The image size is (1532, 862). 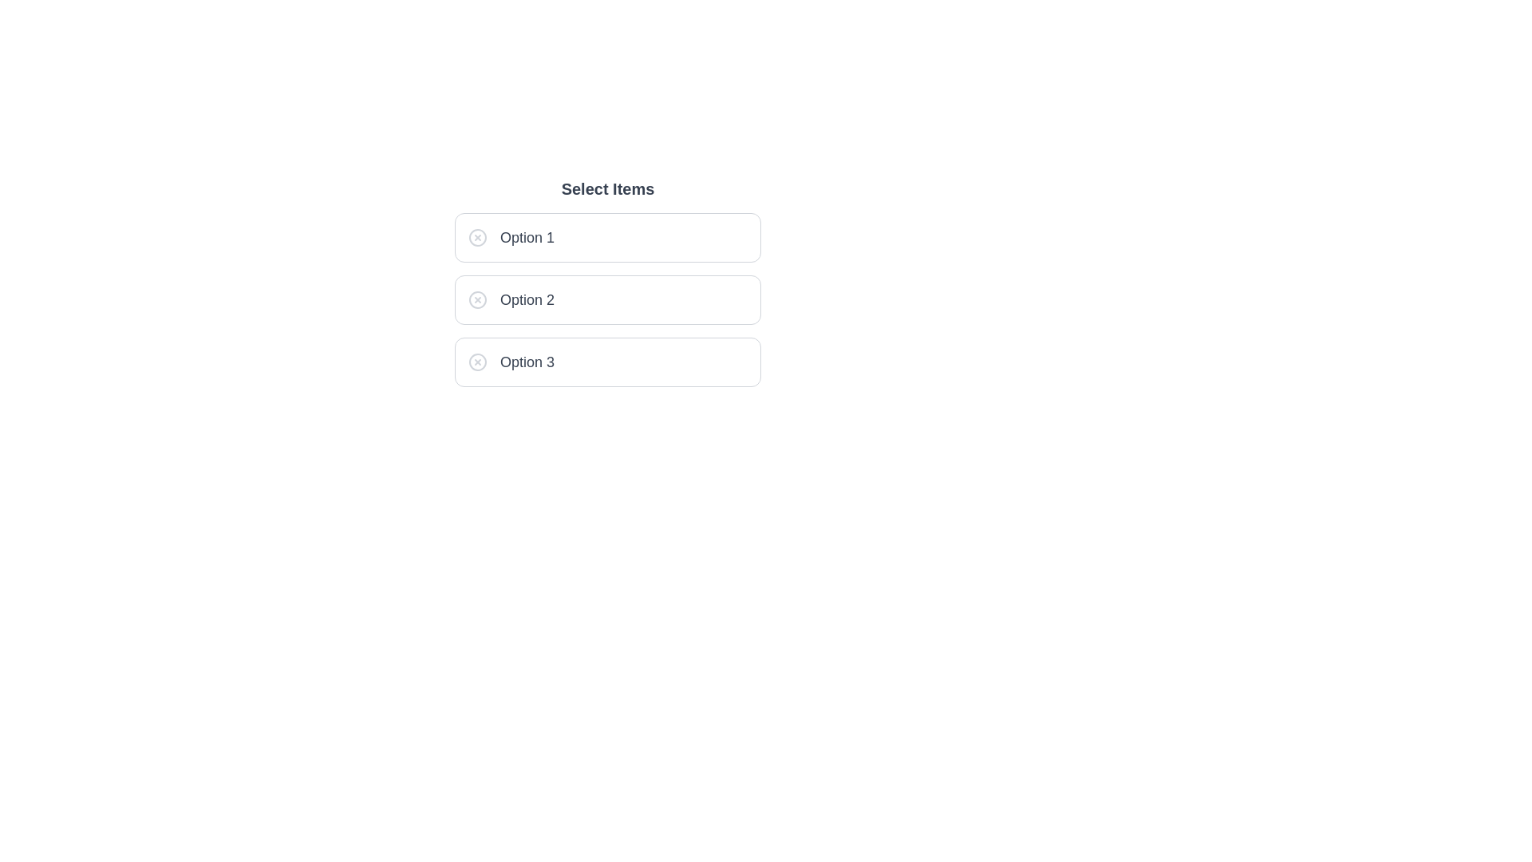 I want to click on the first selectable option box labeled 'Option 1', so click(x=607, y=237).